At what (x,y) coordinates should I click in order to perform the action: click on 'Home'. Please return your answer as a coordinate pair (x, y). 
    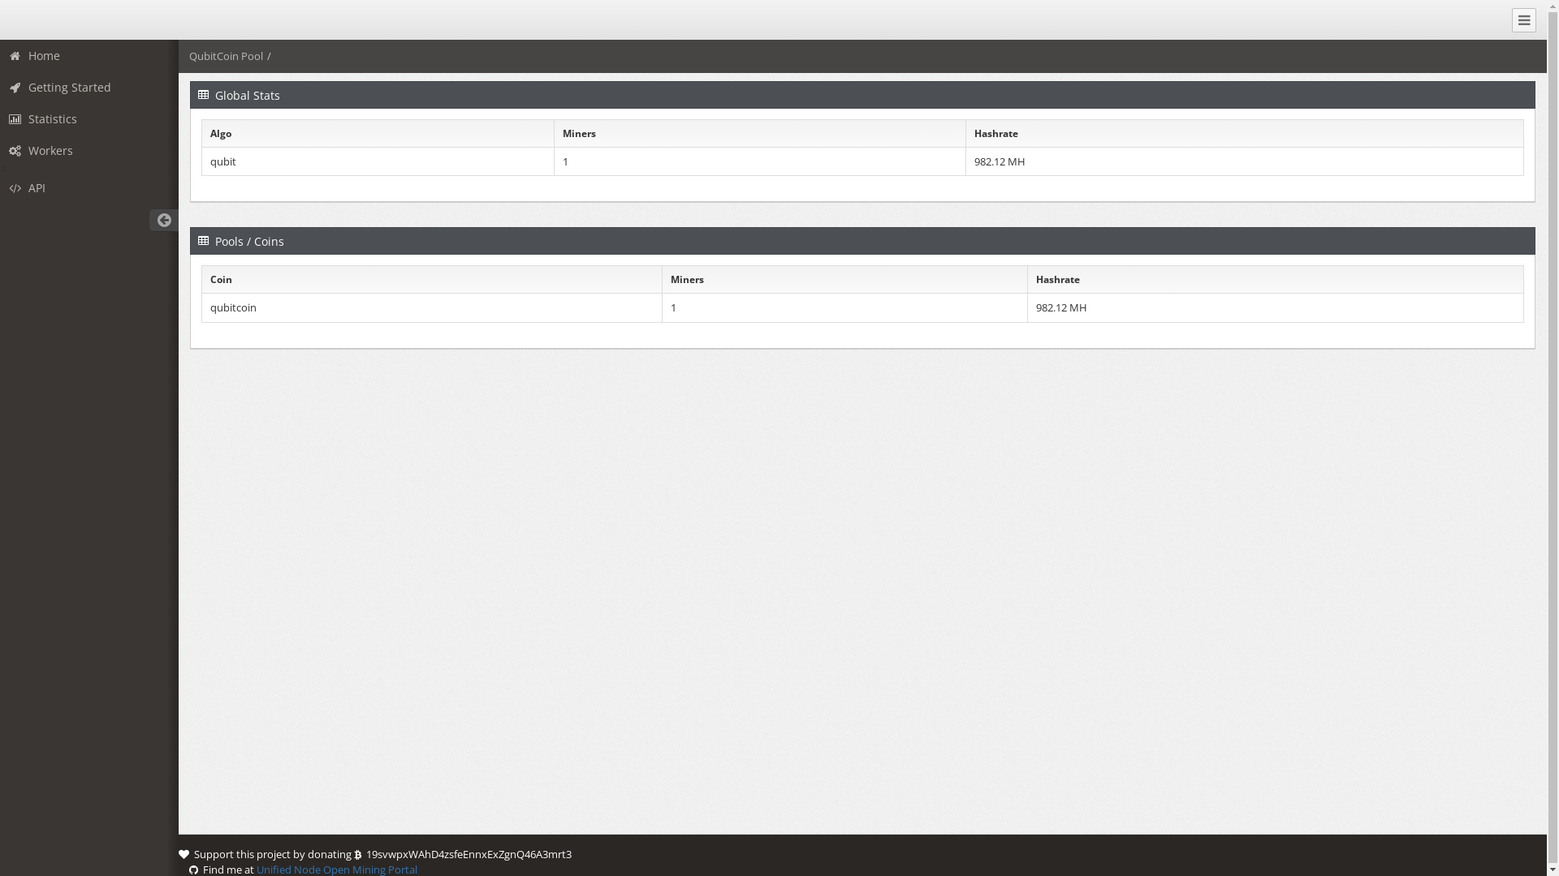
    Looking at the image, I should click on (89, 54).